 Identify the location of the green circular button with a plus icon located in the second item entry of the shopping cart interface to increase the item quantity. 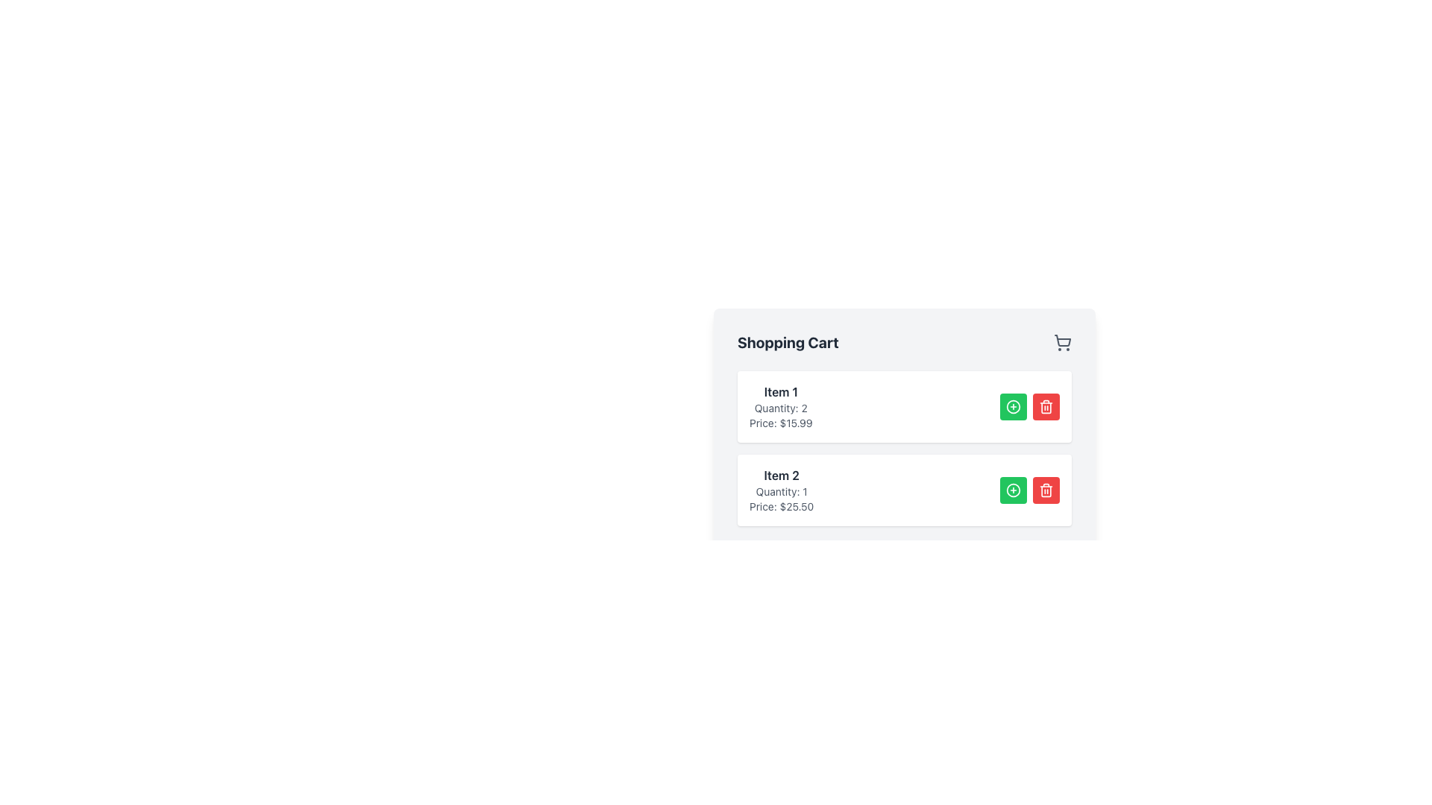
(1013, 490).